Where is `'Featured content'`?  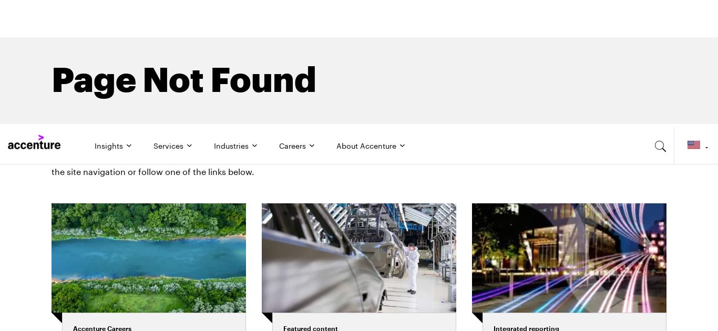 'Featured content' is located at coordinates (309, 201).